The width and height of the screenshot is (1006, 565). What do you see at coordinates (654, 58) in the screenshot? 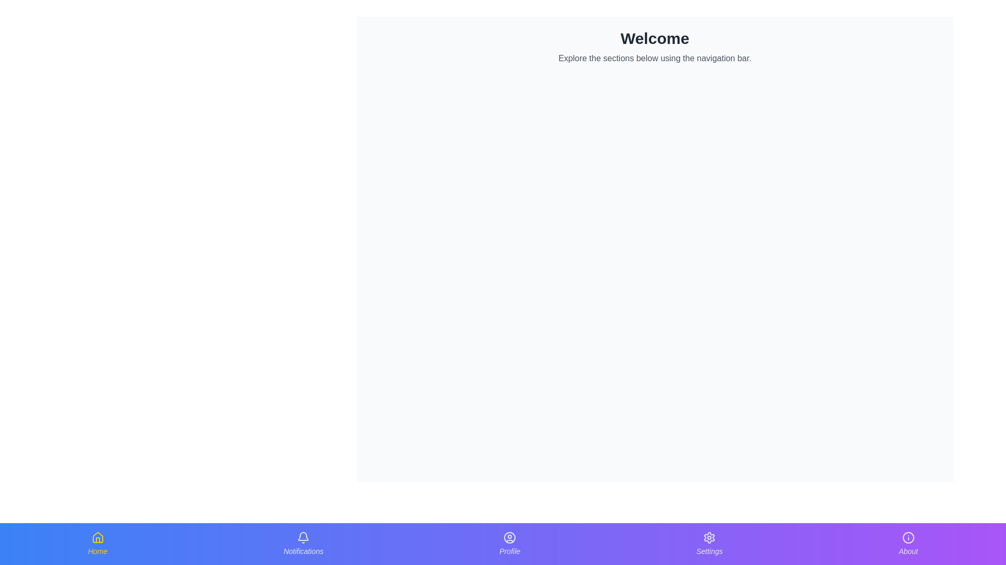
I see `text label displaying 'Explore the sections below using the navigation bar.' which is centered below the heading 'Welcome.'` at bounding box center [654, 58].